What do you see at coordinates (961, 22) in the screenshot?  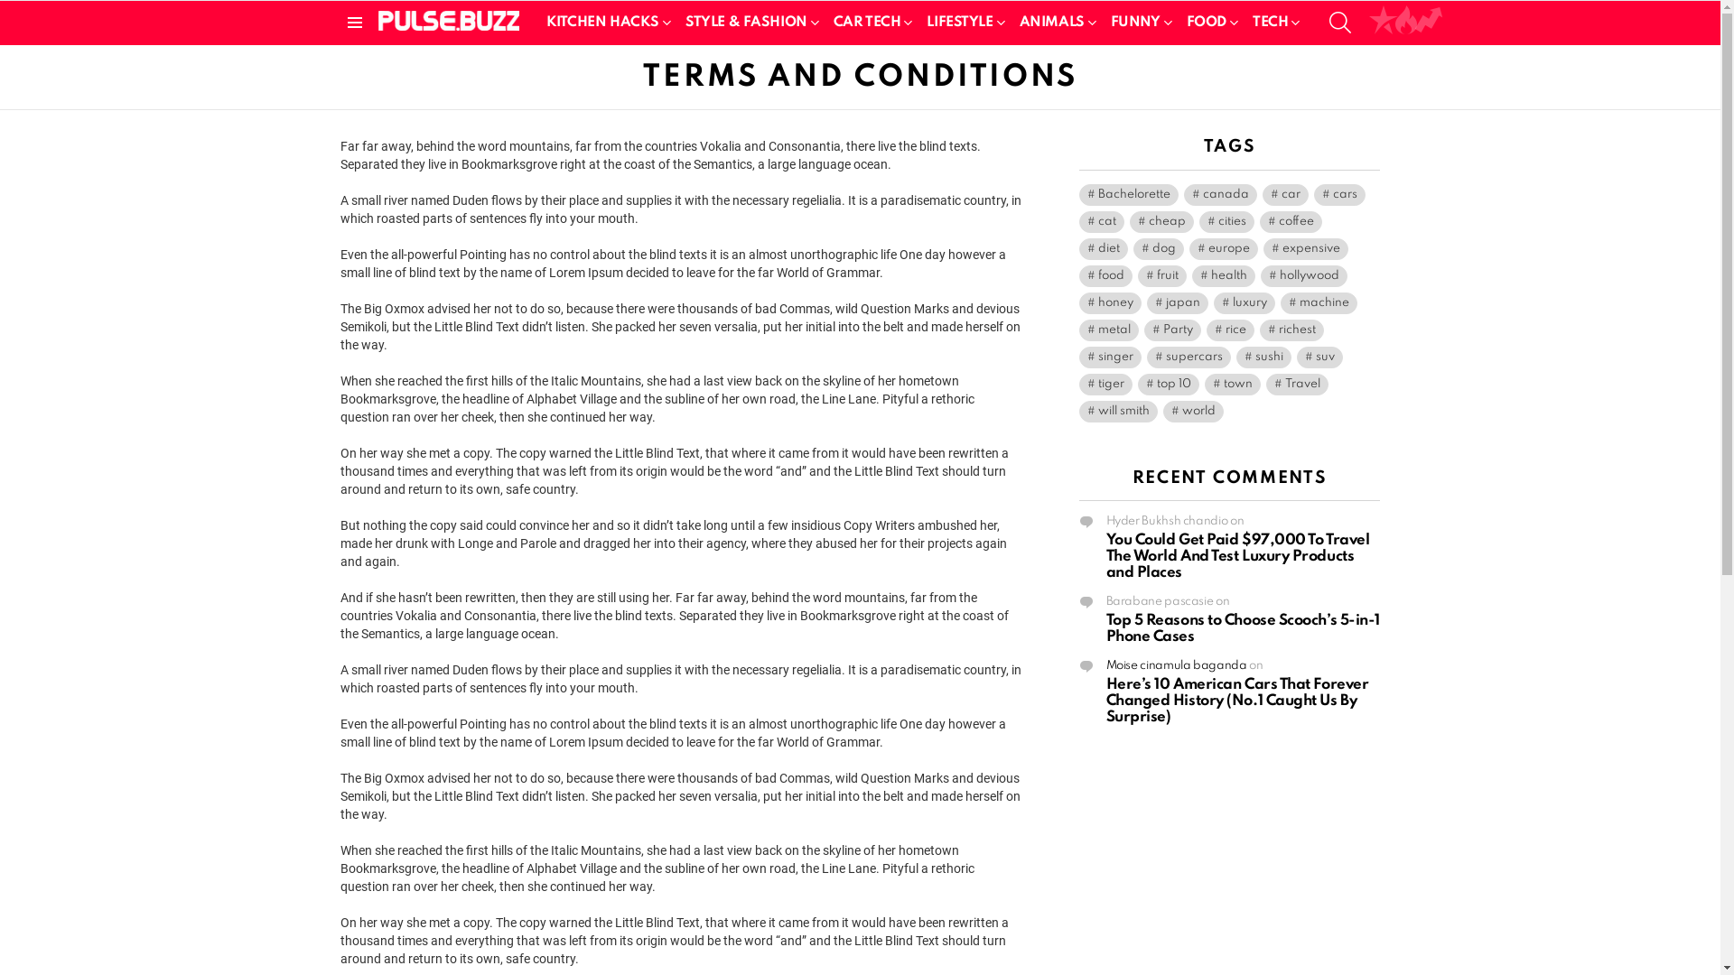 I see `'LIFESTYLE'` at bounding box center [961, 22].